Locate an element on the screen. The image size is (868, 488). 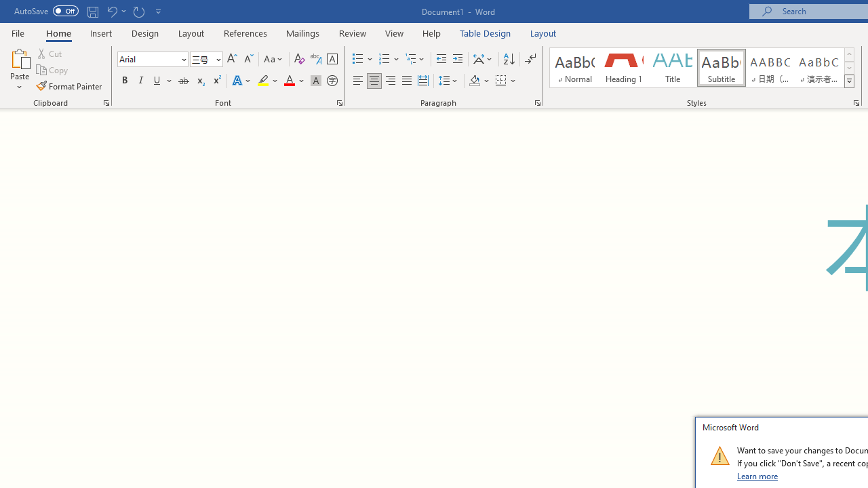
'Character Shading' is located at coordinates (315, 81).